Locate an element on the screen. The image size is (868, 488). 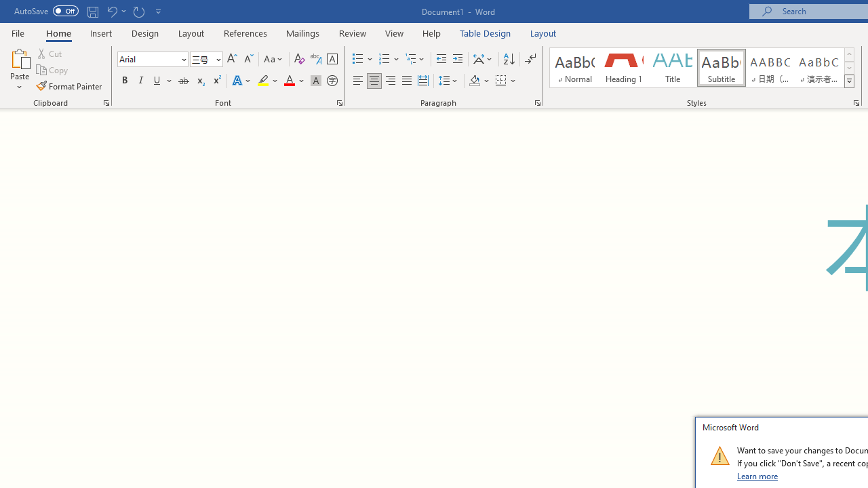
'Character Shading' is located at coordinates (315, 81).